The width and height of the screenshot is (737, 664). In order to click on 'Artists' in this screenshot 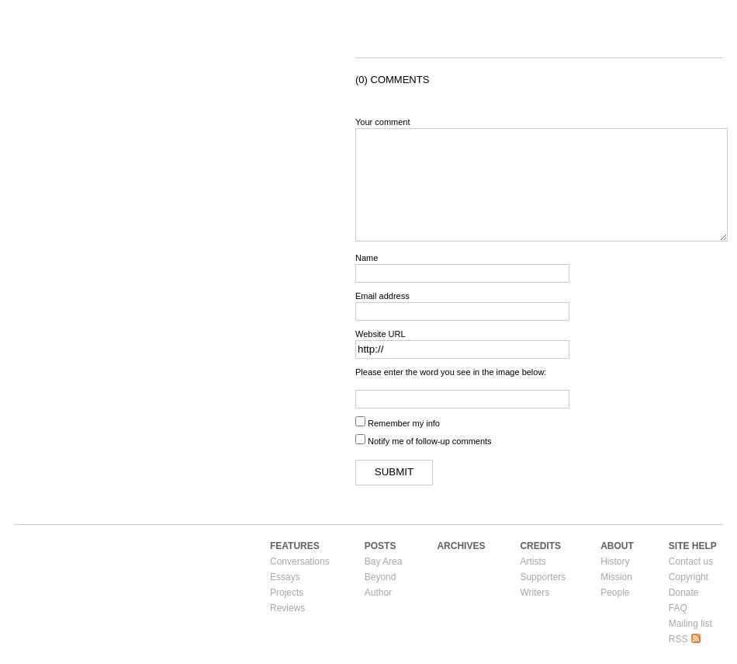, I will do `click(532, 559)`.